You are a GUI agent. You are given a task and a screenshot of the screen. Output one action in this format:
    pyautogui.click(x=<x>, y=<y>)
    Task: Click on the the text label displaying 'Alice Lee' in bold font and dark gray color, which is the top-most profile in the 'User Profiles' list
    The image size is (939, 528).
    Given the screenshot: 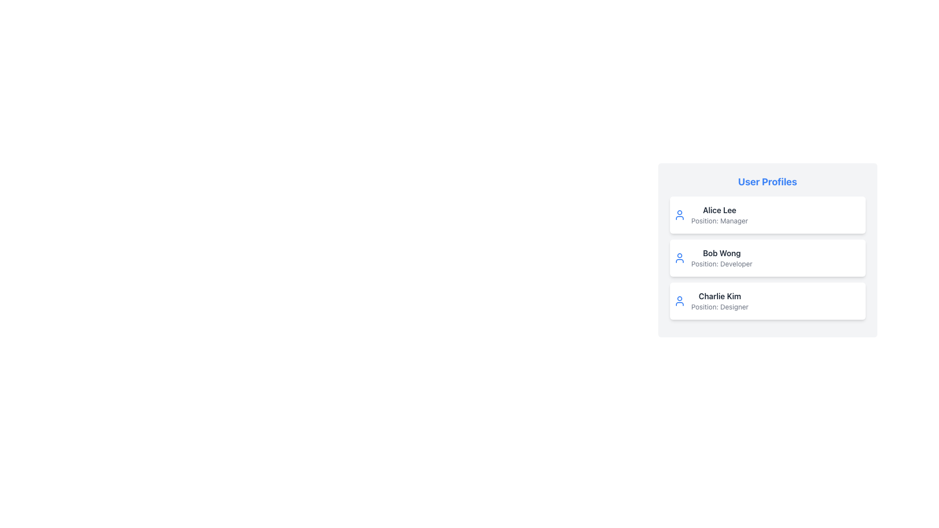 What is the action you would take?
    pyautogui.click(x=719, y=209)
    